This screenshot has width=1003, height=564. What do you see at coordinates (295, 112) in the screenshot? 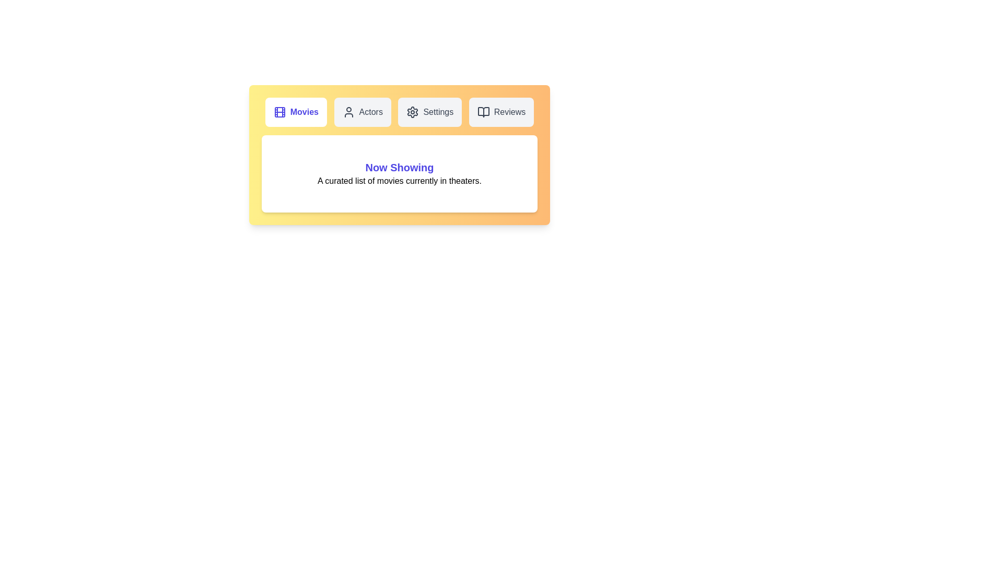
I see `the tab labeled Movies` at bounding box center [295, 112].